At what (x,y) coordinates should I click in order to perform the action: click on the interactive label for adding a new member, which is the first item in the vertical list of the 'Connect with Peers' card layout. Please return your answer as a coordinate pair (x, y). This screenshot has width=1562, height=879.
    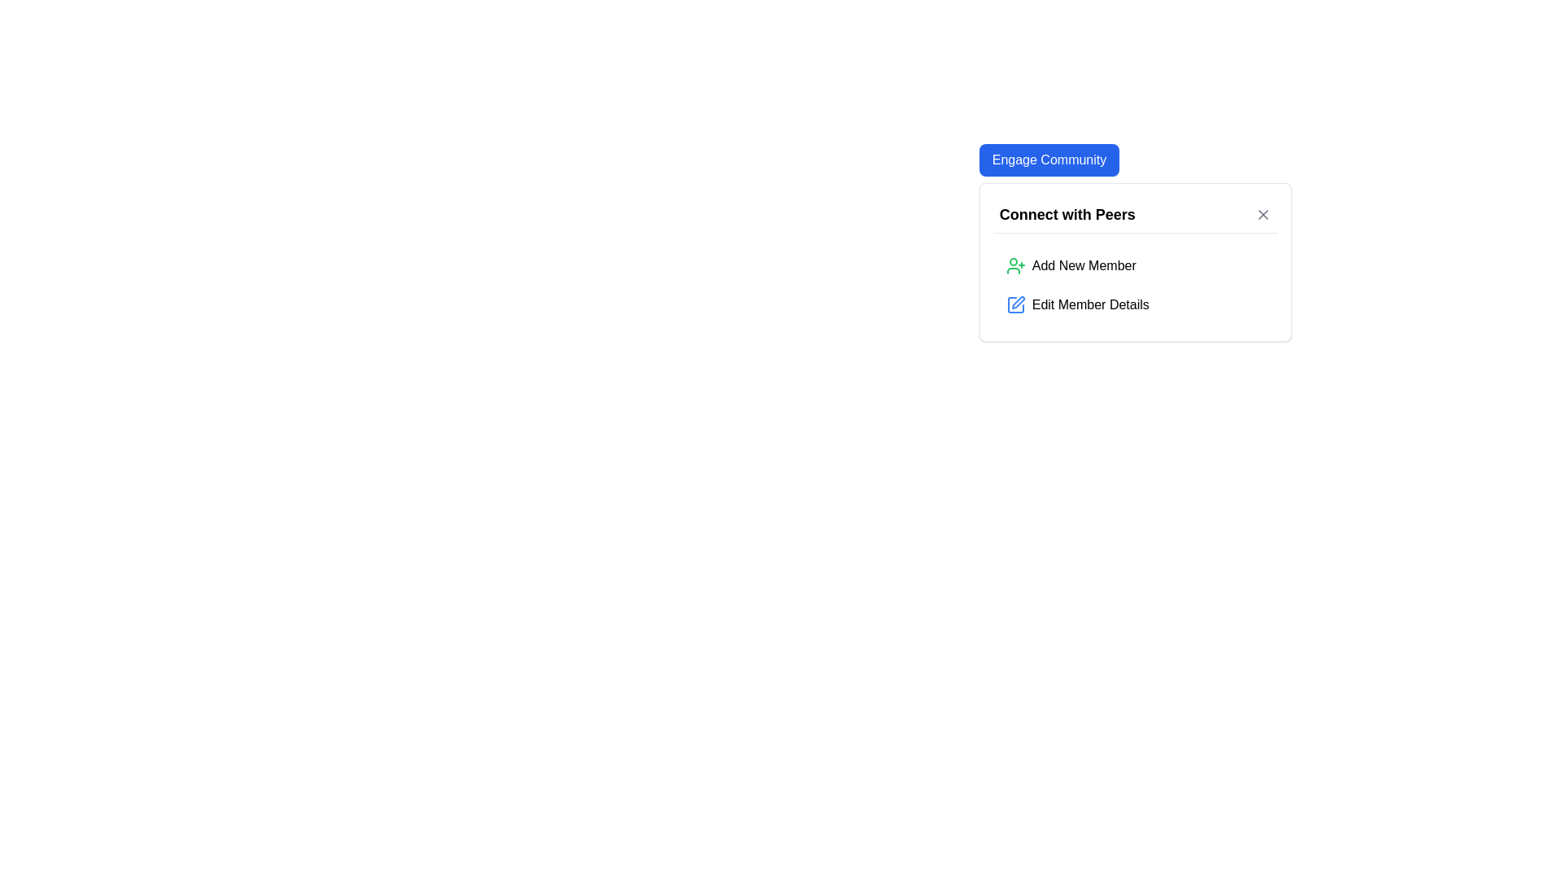
    Looking at the image, I should click on (1084, 265).